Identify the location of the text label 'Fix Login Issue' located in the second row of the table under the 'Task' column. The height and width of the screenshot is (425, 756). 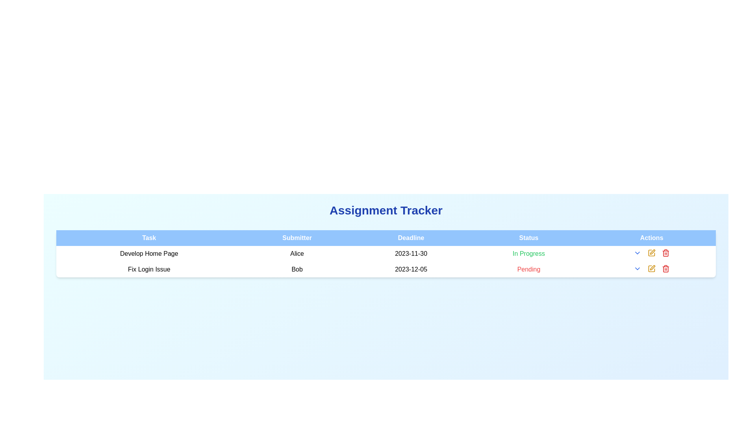
(149, 269).